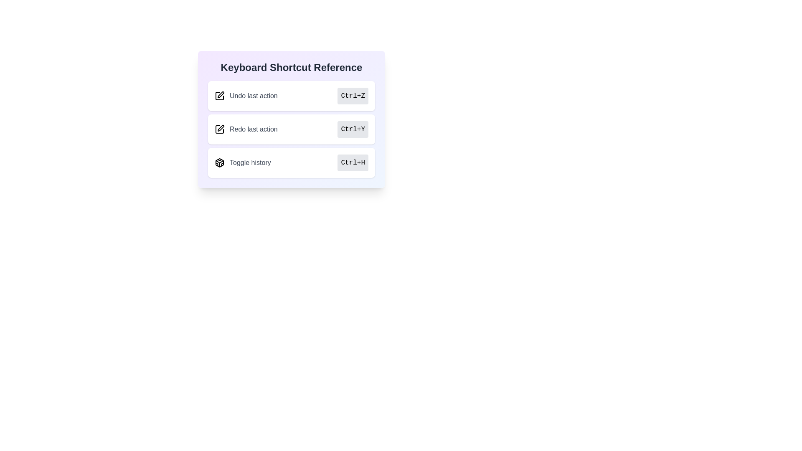 The width and height of the screenshot is (802, 451). What do you see at coordinates (291, 119) in the screenshot?
I see `the displayed information on the card component titled 'Redo last action', which is the second card in the list of keyboard shortcuts` at bounding box center [291, 119].